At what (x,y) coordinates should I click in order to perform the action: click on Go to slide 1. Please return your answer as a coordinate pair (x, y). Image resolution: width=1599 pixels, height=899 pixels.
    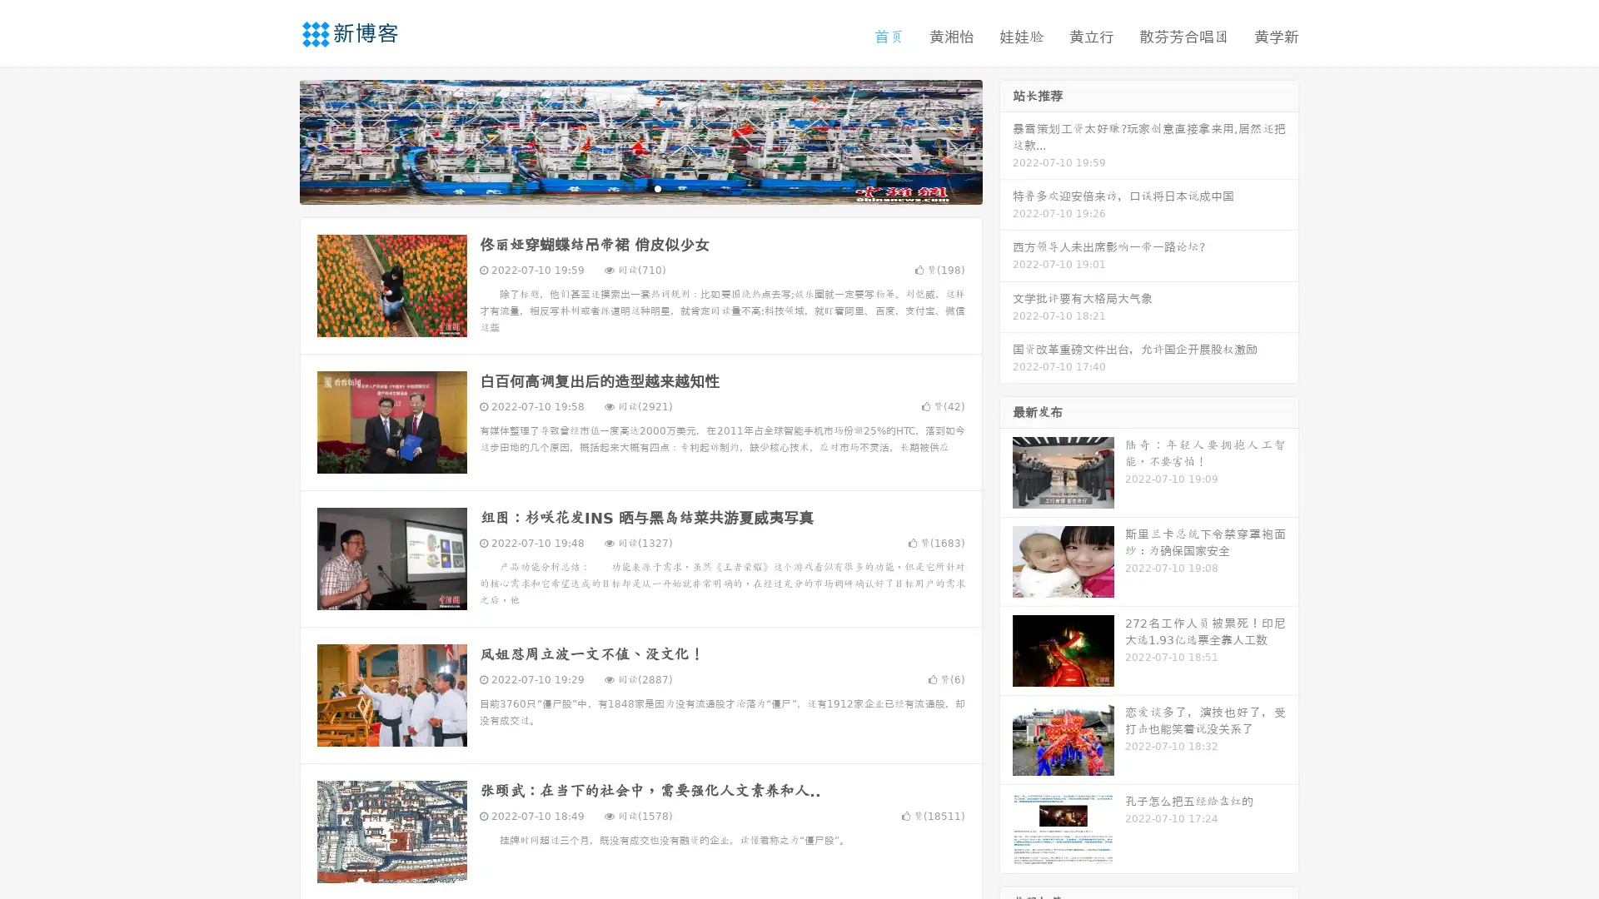
    Looking at the image, I should click on (623, 187).